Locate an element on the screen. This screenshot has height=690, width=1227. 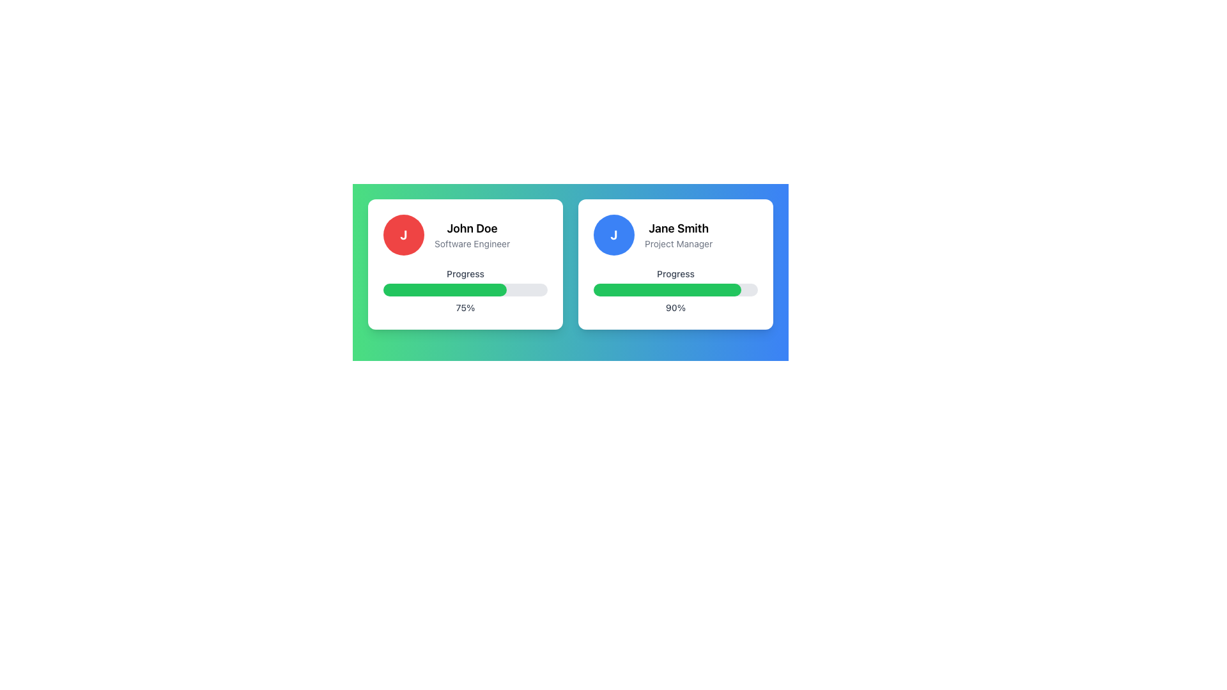
the 'Progress' text label that is displayed in gray color, located beneath the heading 'John Doe' and above a green progress bar is located at coordinates (465, 273).